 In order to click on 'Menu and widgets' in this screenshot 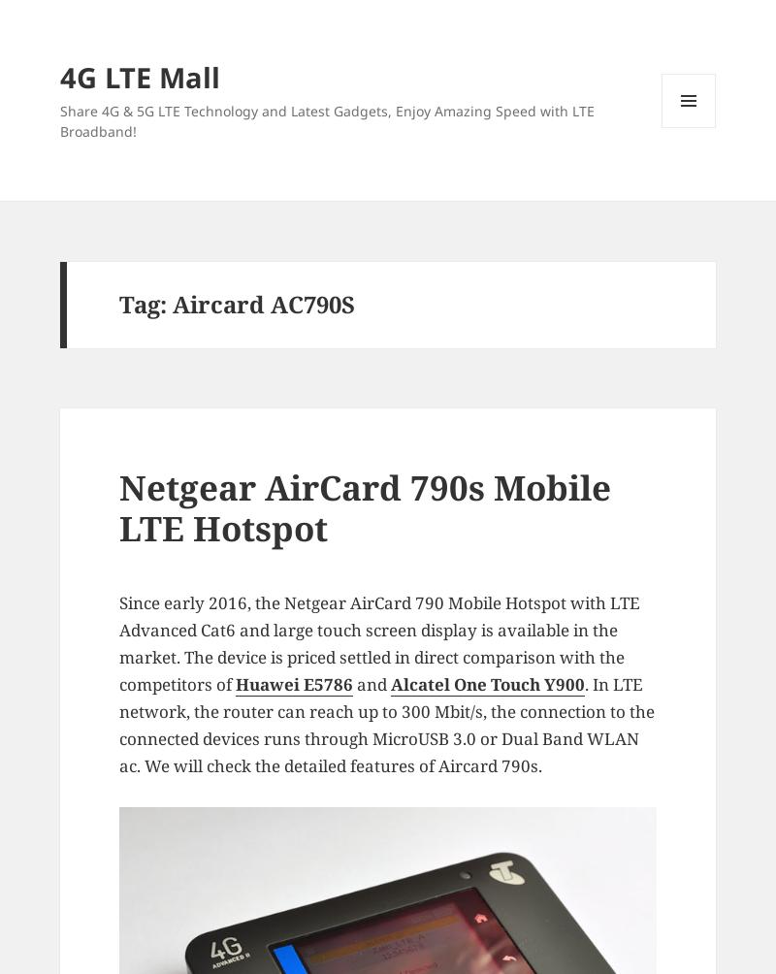, I will do `click(663, 152)`.